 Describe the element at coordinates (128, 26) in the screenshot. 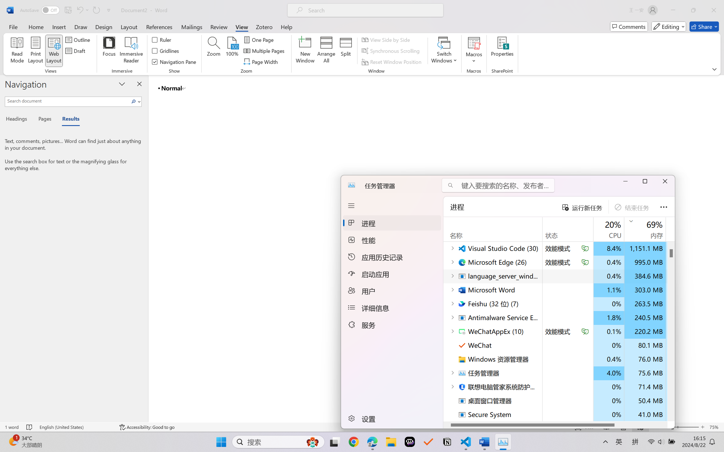

I see `'Layout'` at that location.